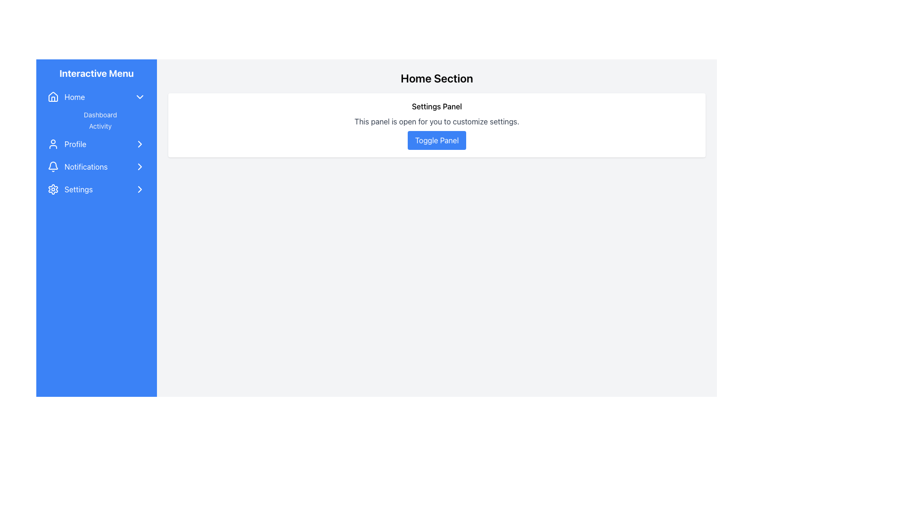  I want to click on the third menu option in the vertical navigation bar, which is located between the 'Home' and 'Notifications' options, so click(97, 143).